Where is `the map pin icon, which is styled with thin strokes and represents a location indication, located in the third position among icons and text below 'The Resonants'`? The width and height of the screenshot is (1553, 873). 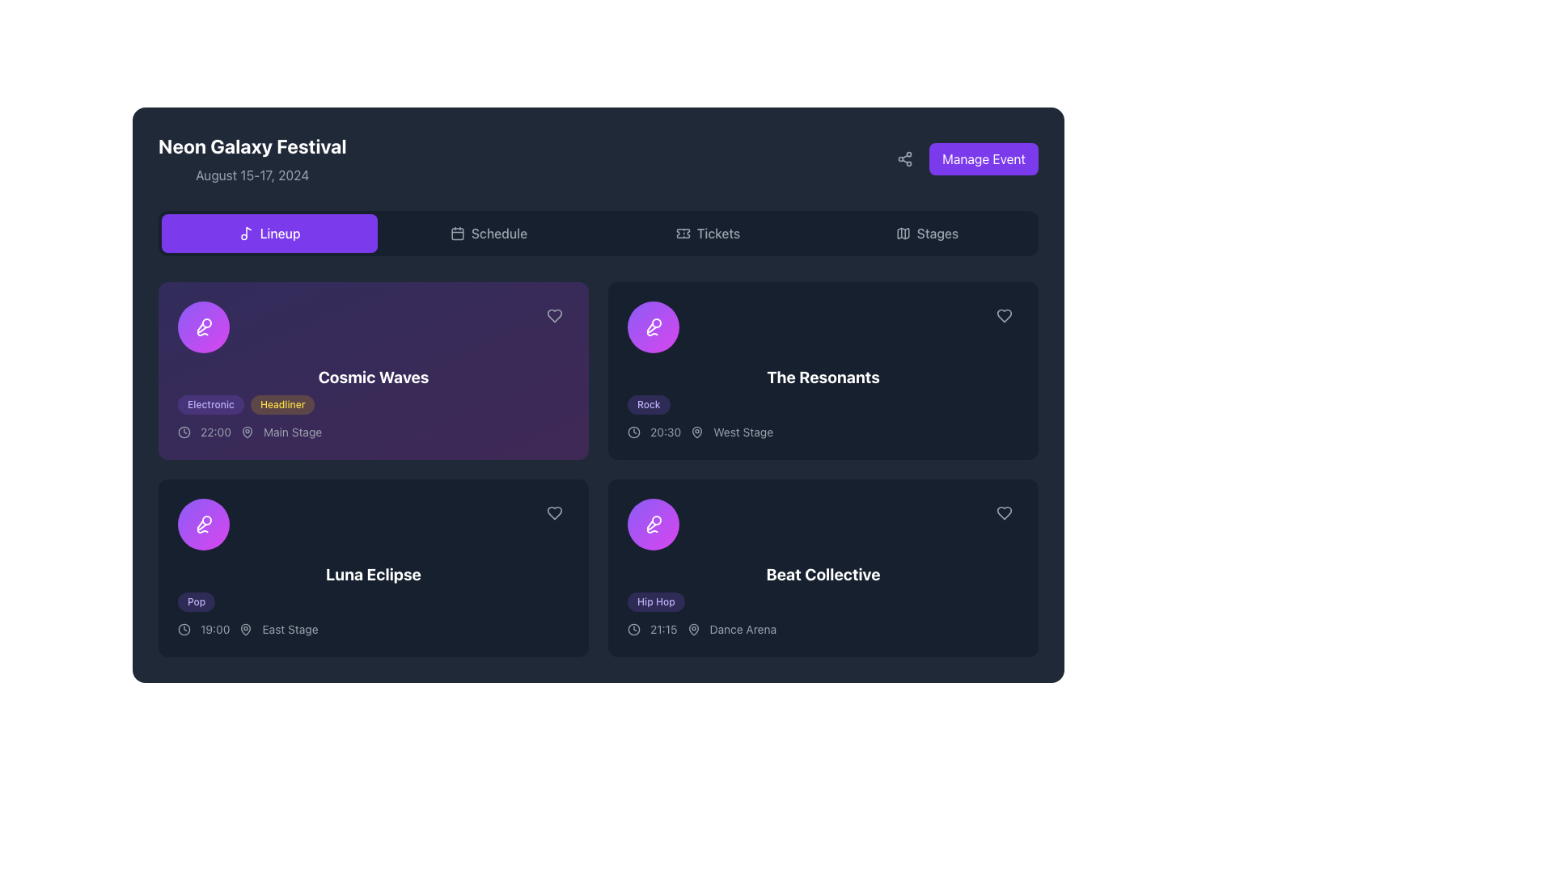
the map pin icon, which is styled with thin strokes and represents a location indication, located in the third position among icons and text below 'The Resonants' is located at coordinates (697, 432).